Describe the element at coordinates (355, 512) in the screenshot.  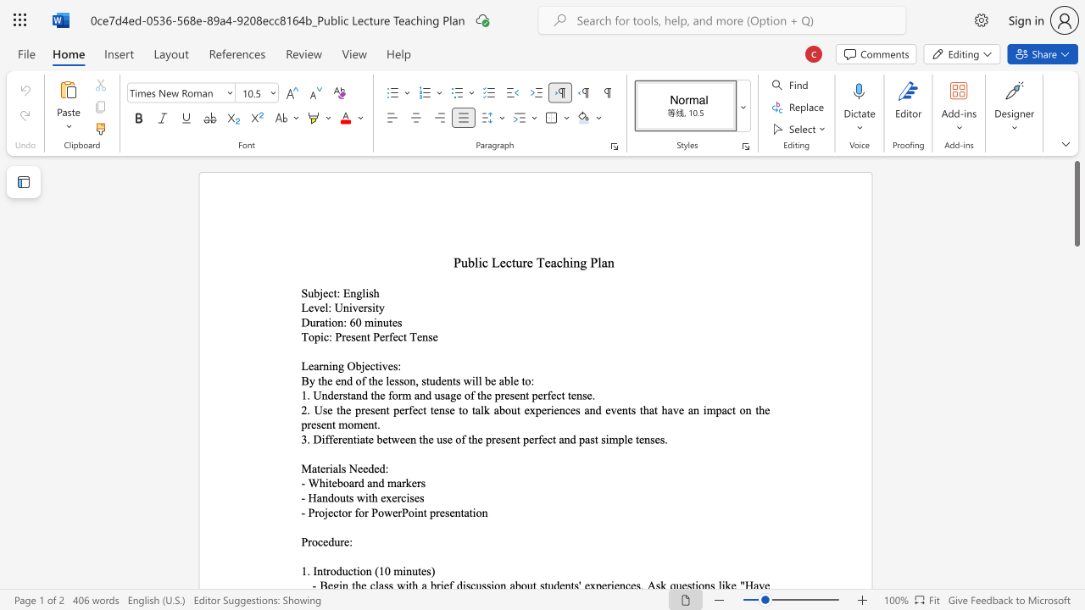
I see `the 1th character "f" in the text` at that location.